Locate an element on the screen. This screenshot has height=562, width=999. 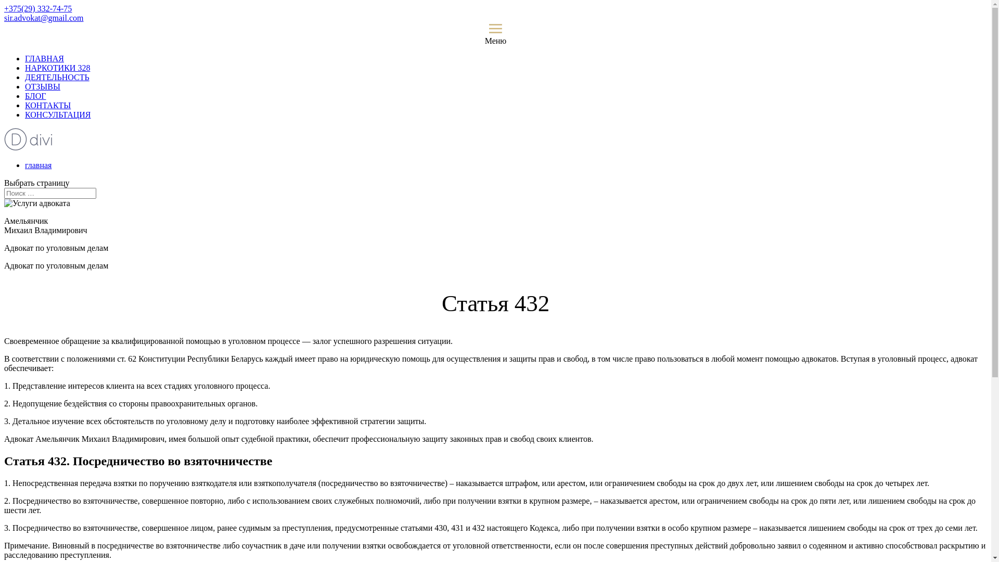
'+375(29) 332-74-75' is located at coordinates (37, 8).